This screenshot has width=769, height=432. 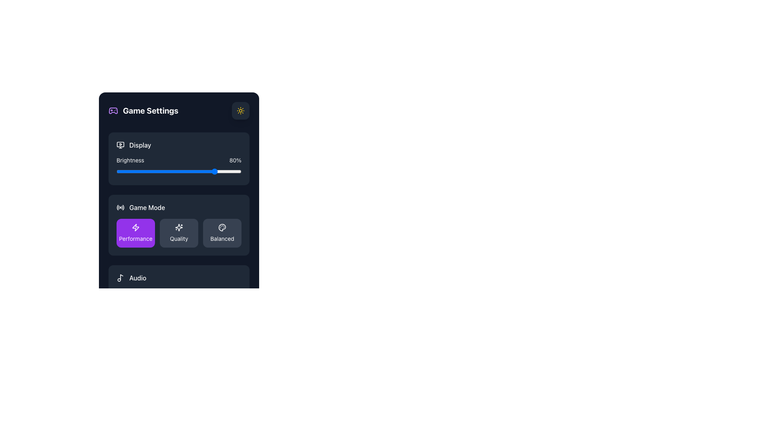 I want to click on brightness level, so click(x=228, y=171).